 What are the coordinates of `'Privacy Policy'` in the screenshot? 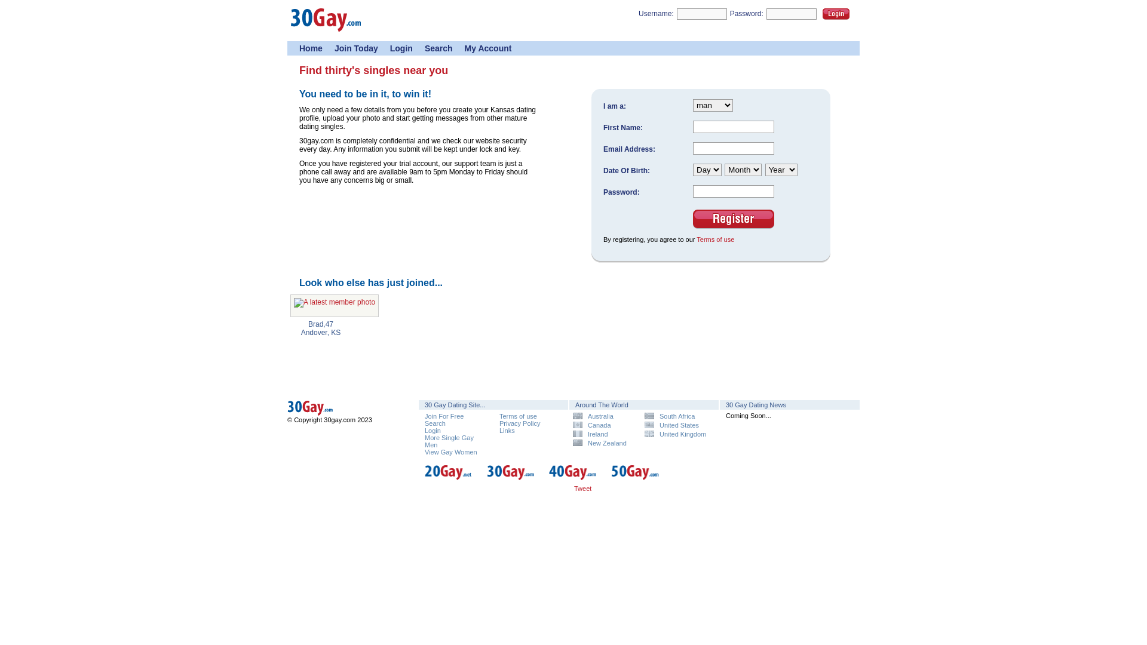 It's located at (519, 423).